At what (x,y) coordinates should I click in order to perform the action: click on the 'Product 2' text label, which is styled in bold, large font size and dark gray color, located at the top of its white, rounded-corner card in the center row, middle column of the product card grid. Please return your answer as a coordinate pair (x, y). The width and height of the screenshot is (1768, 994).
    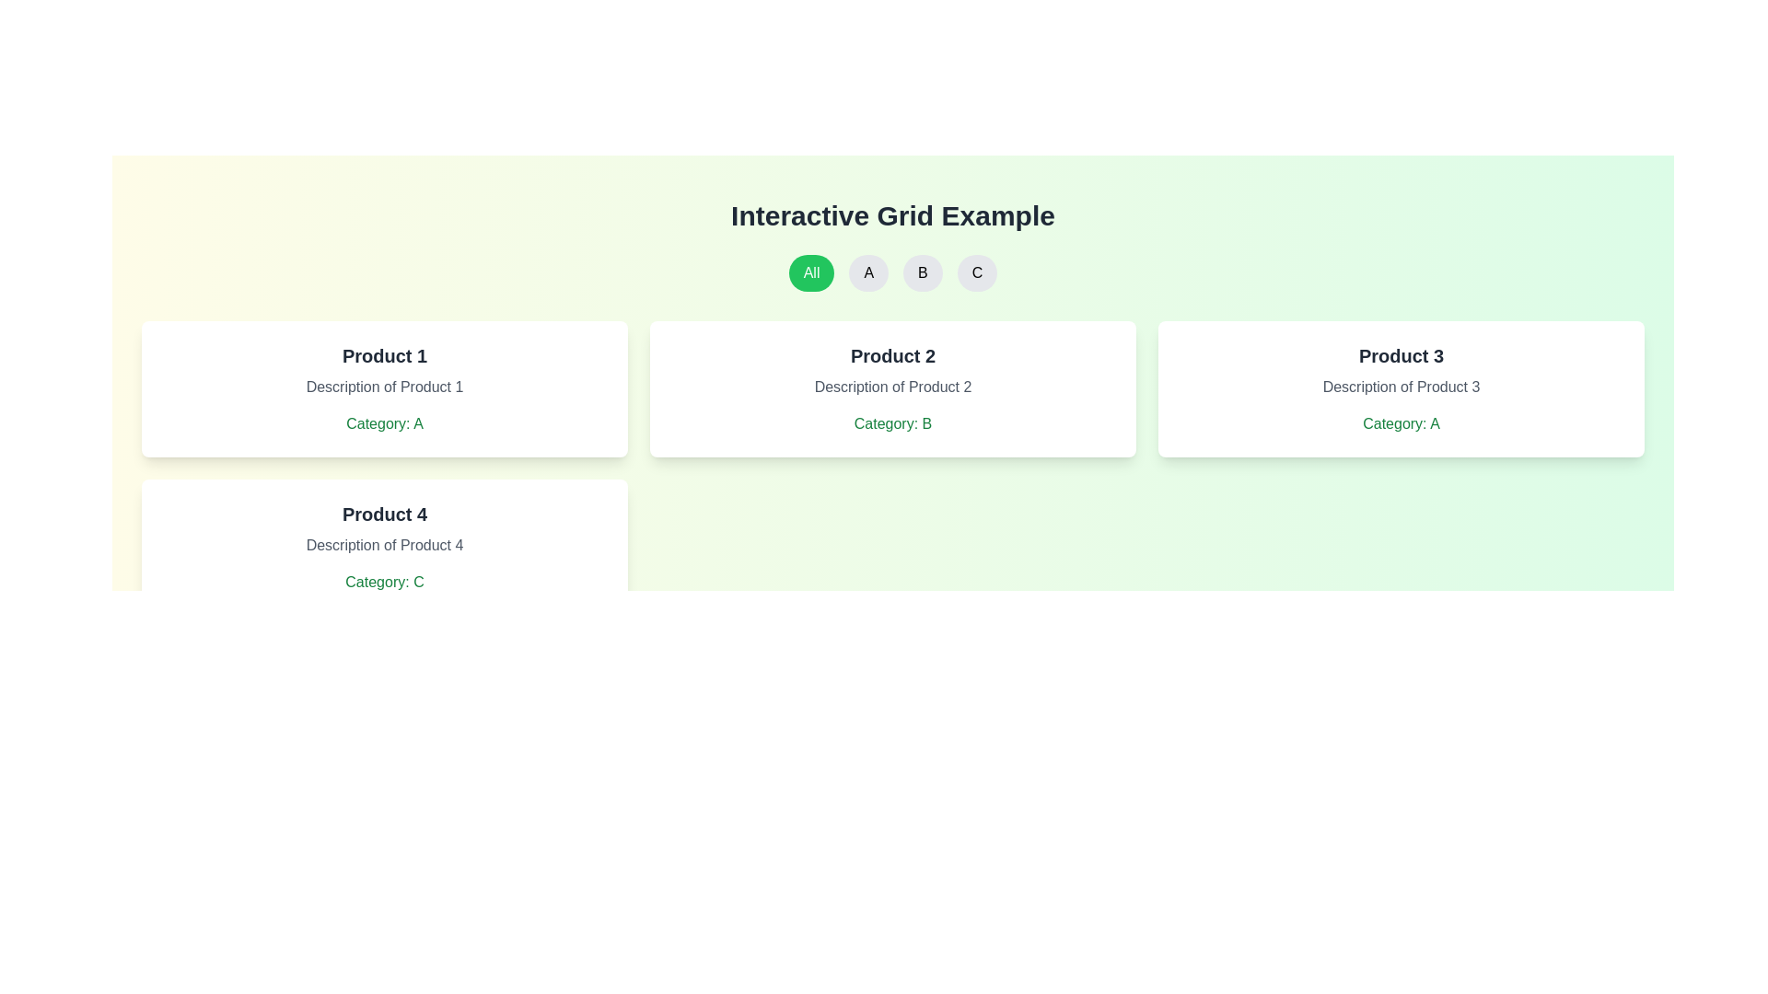
    Looking at the image, I should click on (892, 355).